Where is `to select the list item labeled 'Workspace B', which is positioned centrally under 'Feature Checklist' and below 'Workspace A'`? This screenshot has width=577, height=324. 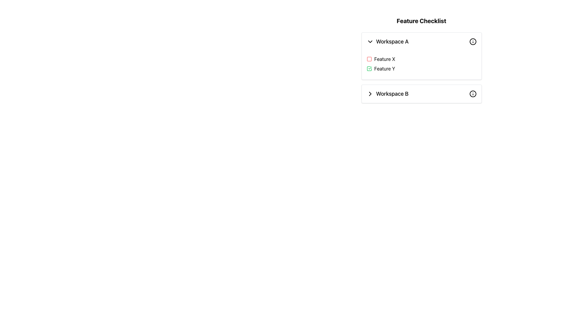 to select the list item labeled 'Workspace B', which is positioned centrally under 'Feature Checklist' and below 'Workspace A' is located at coordinates (387, 94).